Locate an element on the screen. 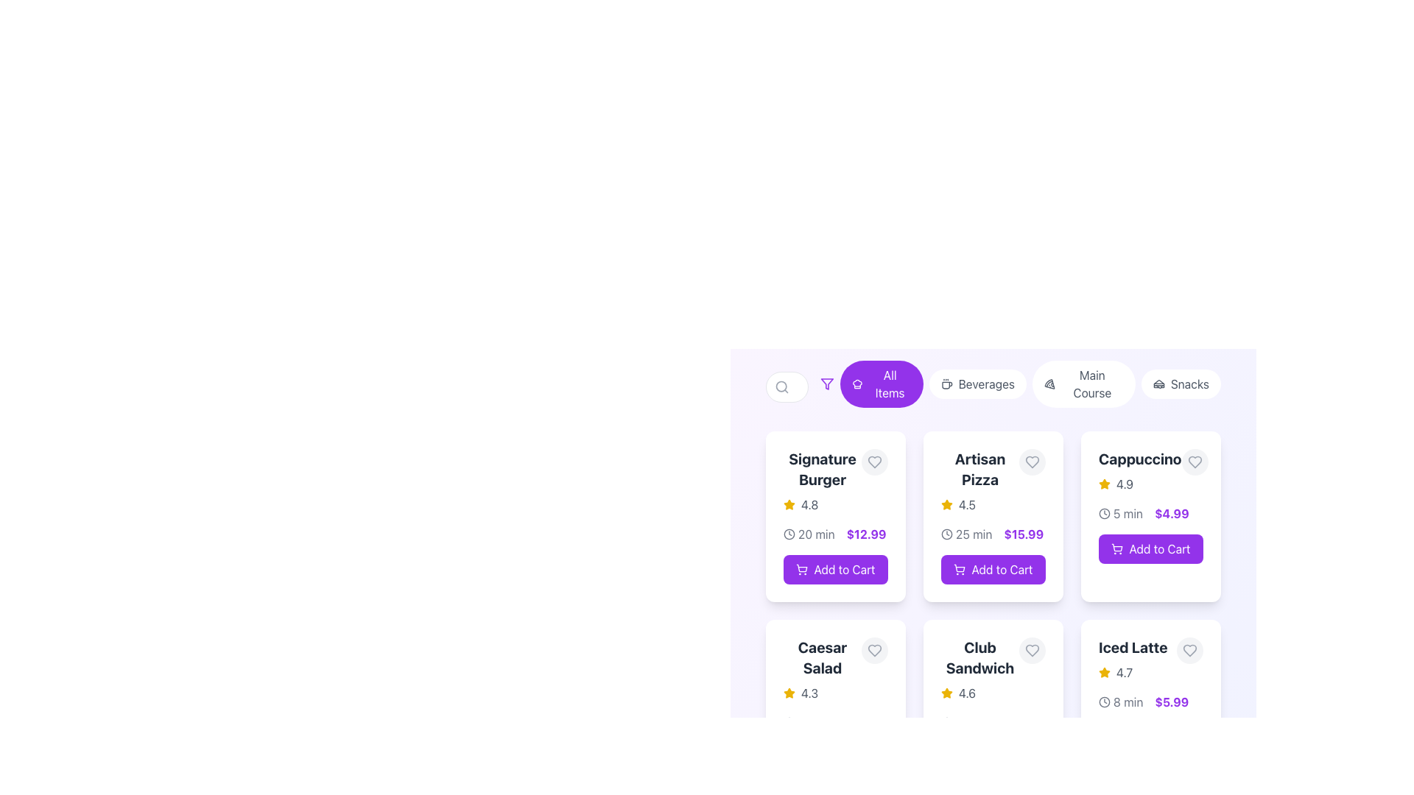  the 'All Items' button, which features a chef's hat icon on a rounded rectangular purple background is located at coordinates (882, 383).